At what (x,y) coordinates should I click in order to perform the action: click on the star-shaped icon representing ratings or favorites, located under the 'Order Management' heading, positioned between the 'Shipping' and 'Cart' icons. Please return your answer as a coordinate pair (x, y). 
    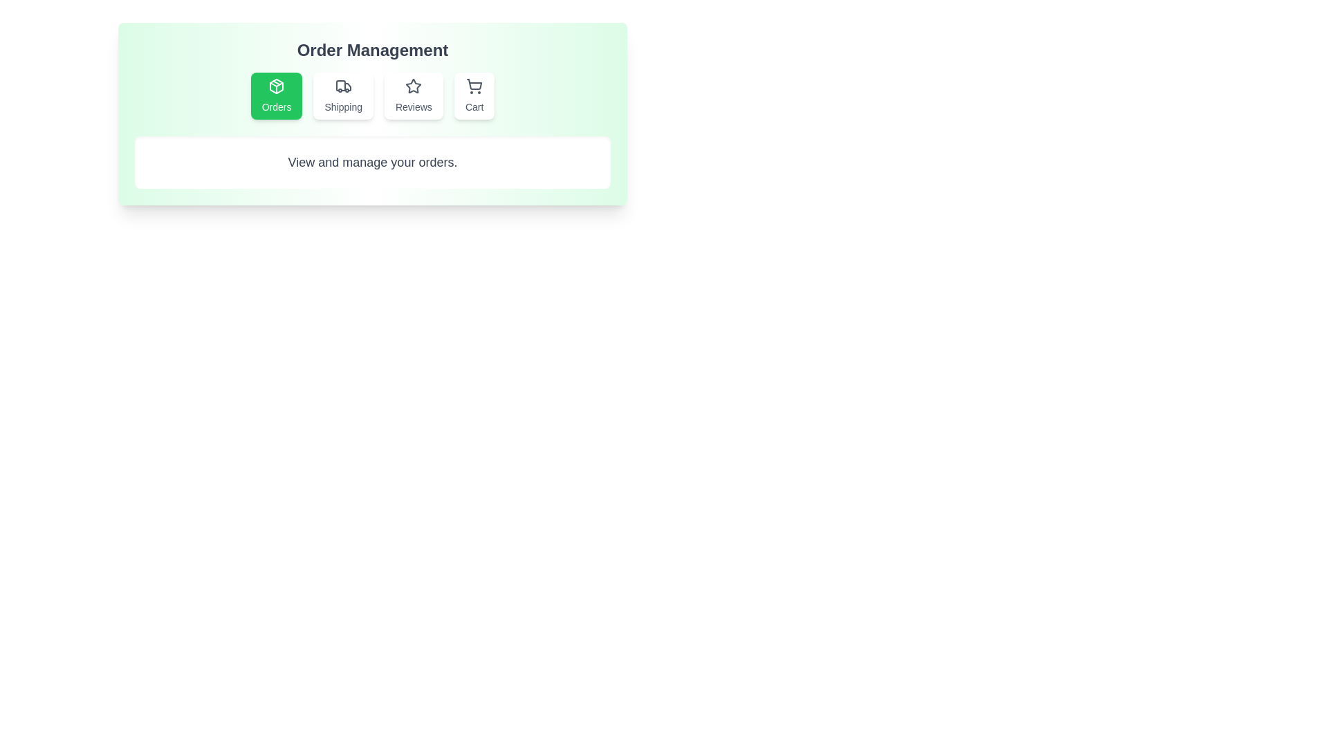
    Looking at the image, I should click on (413, 86).